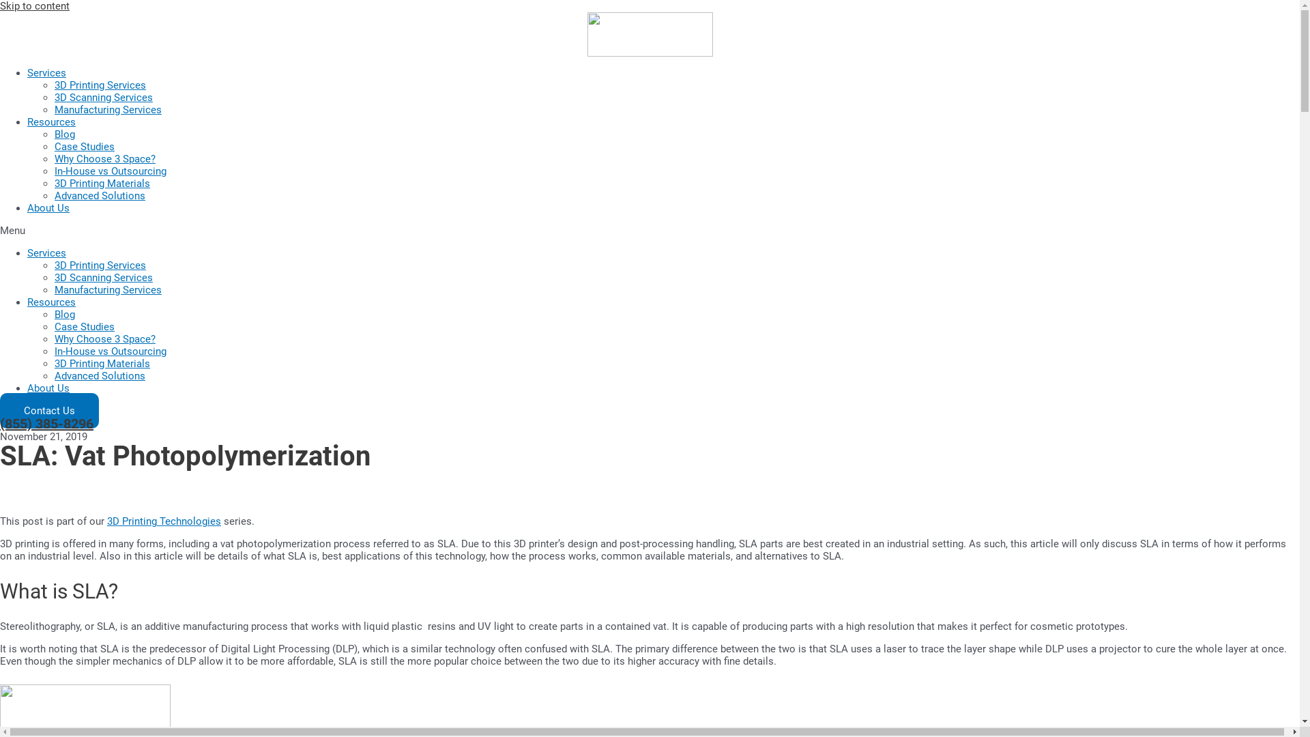 The image size is (1310, 737). Describe the element at coordinates (101, 362) in the screenshot. I see `'3D Printing Materials'` at that location.